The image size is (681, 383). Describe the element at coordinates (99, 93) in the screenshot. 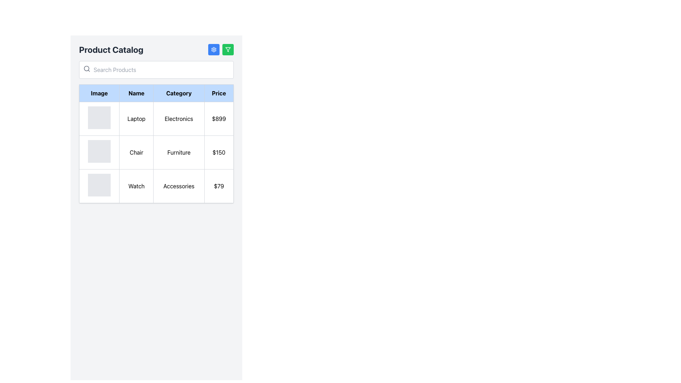

I see `the table header cell labeled 'Image' which has a light blue background and black text` at that location.